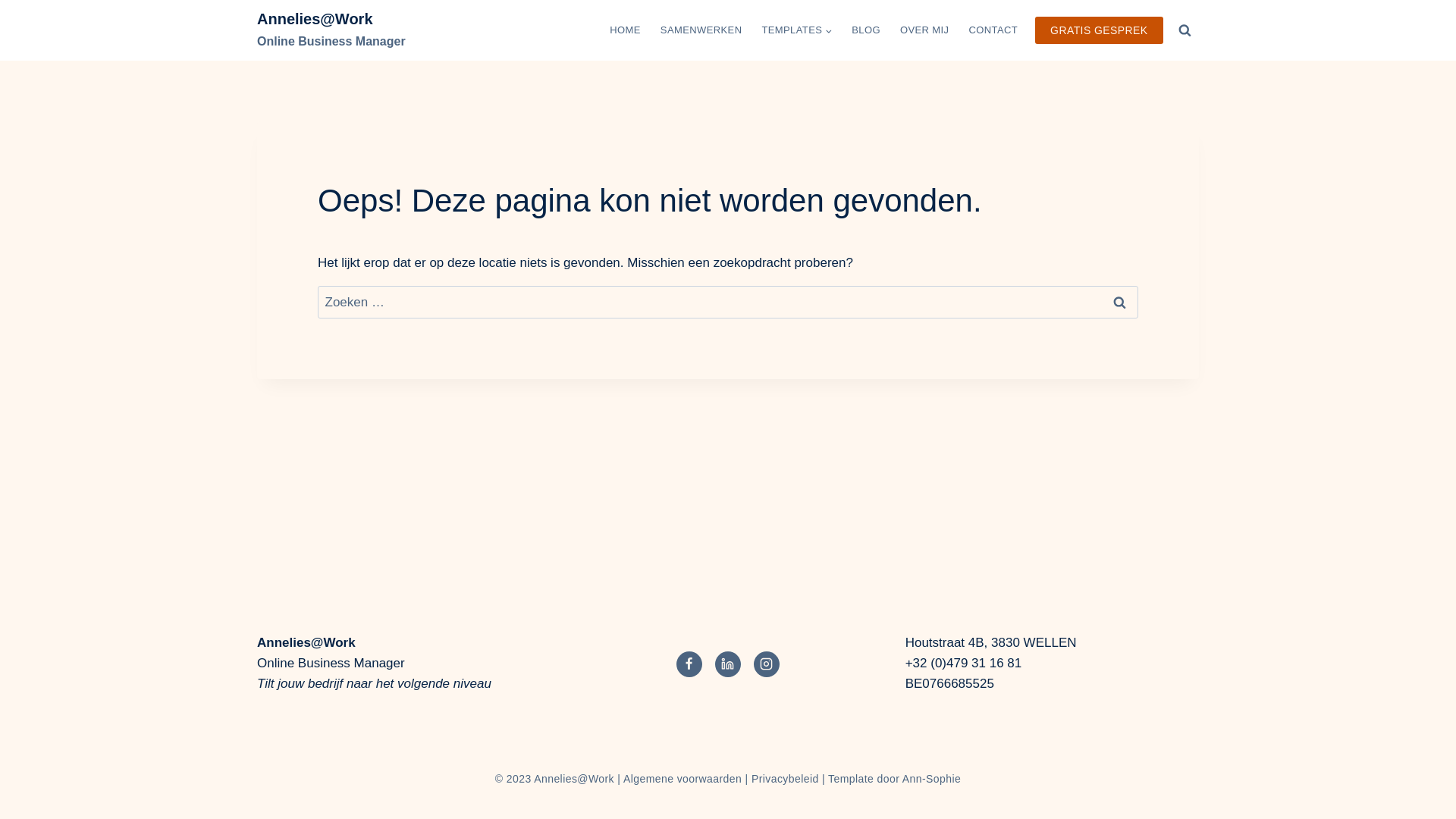 The height and width of the screenshot is (819, 1456). What do you see at coordinates (866, 30) in the screenshot?
I see `'BLOG'` at bounding box center [866, 30].